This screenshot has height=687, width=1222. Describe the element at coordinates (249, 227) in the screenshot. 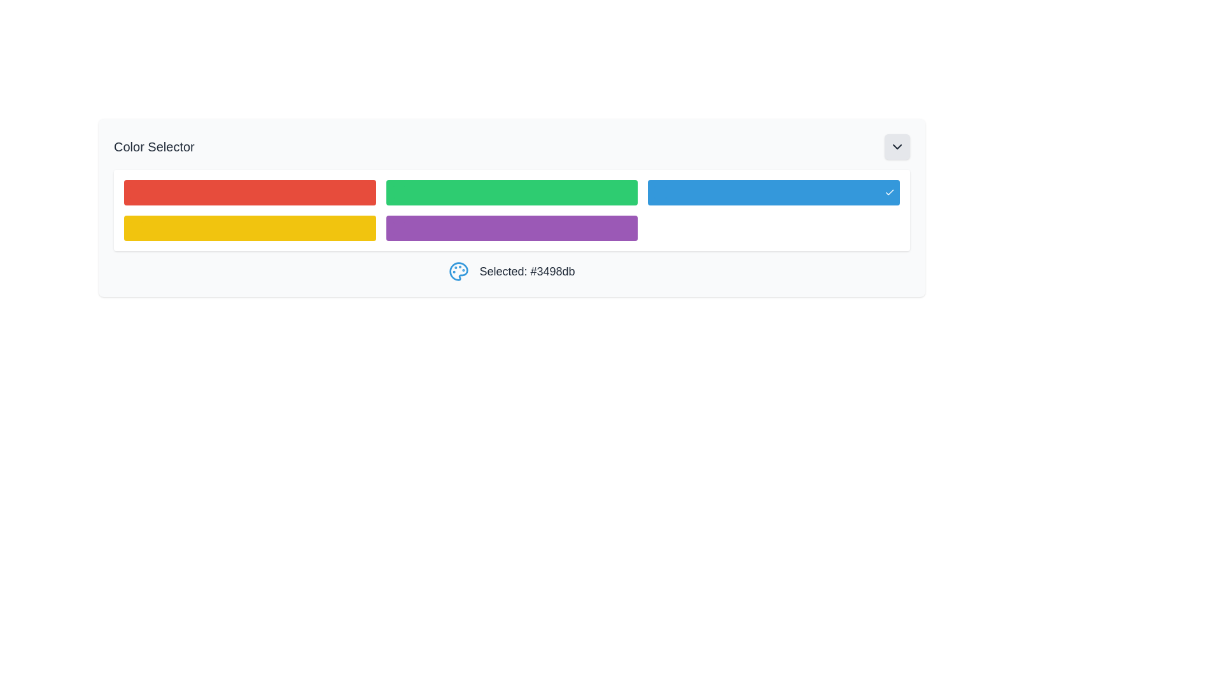

I see `the bright yellow rectangular button with rounded corners, which is the third element in the second row of a grid layout` at that location.